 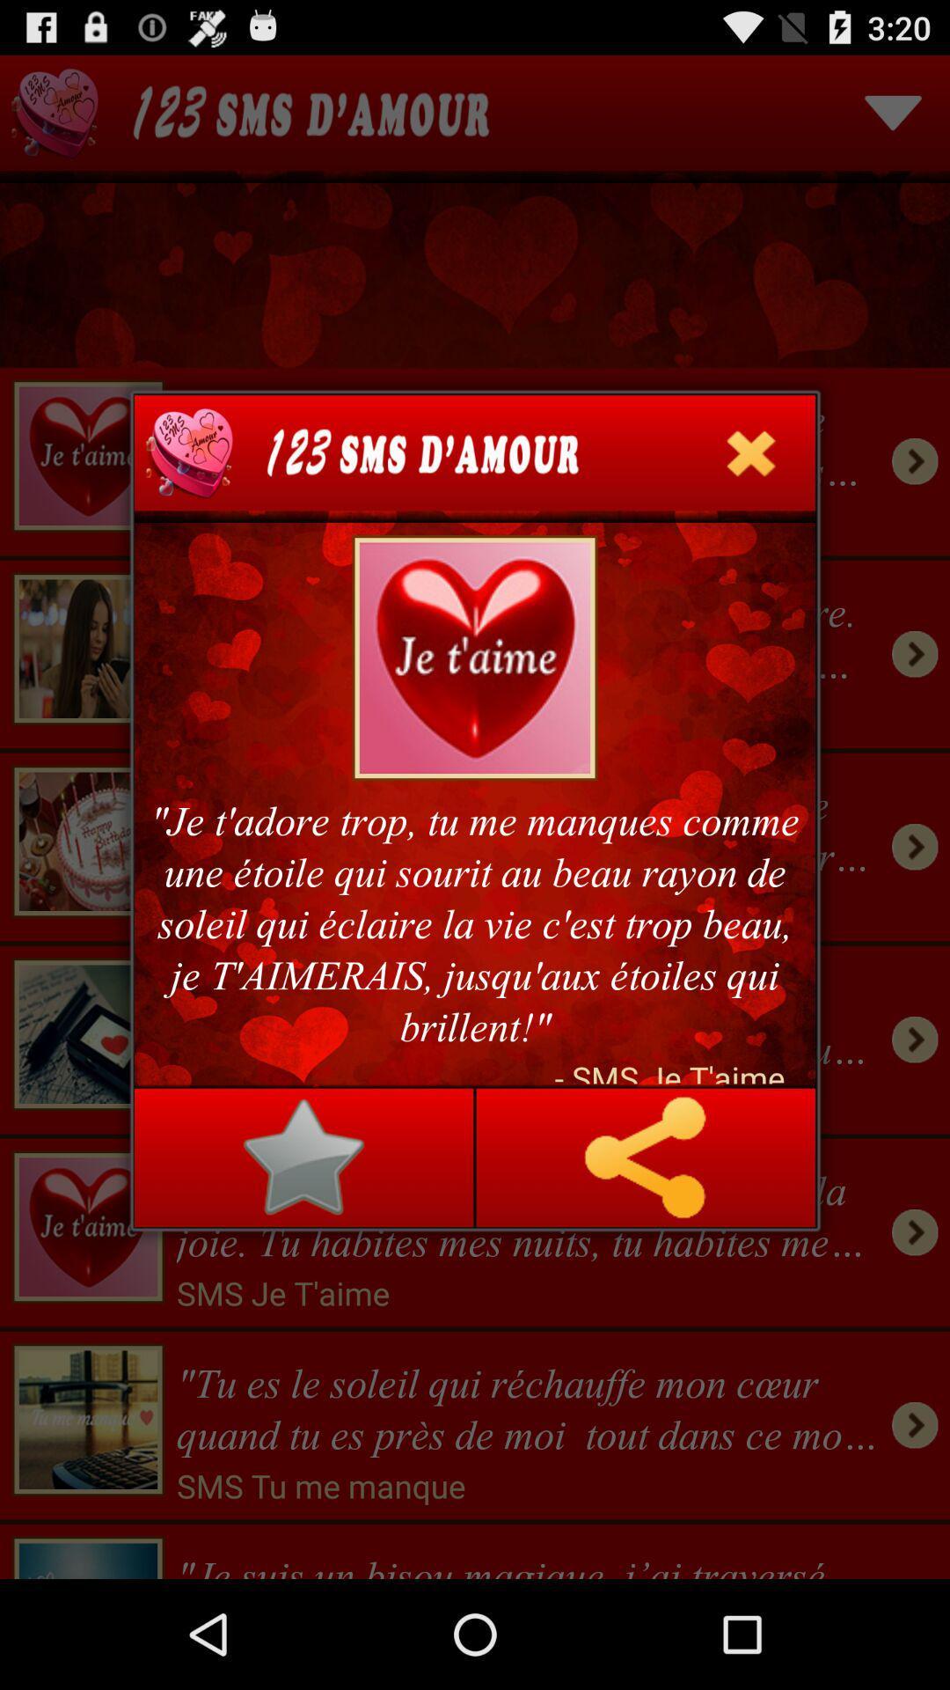 What do you see at coordinates (750, 452) in the screenshot?
I see `the item at the top right corner` at bounding box center [750, 452].